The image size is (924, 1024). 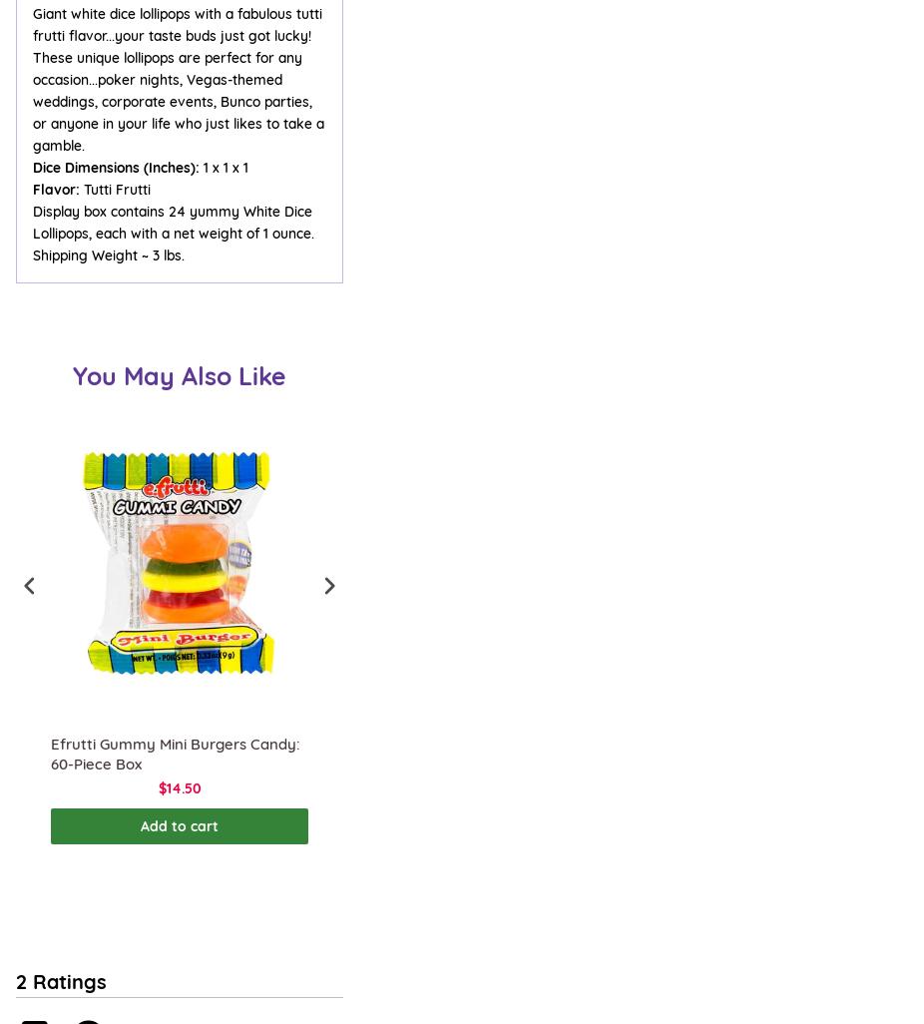 What do you see at coordinates (56, 316) in the screenshot?
I see `'Resources'` at bounding box center [56, 316].